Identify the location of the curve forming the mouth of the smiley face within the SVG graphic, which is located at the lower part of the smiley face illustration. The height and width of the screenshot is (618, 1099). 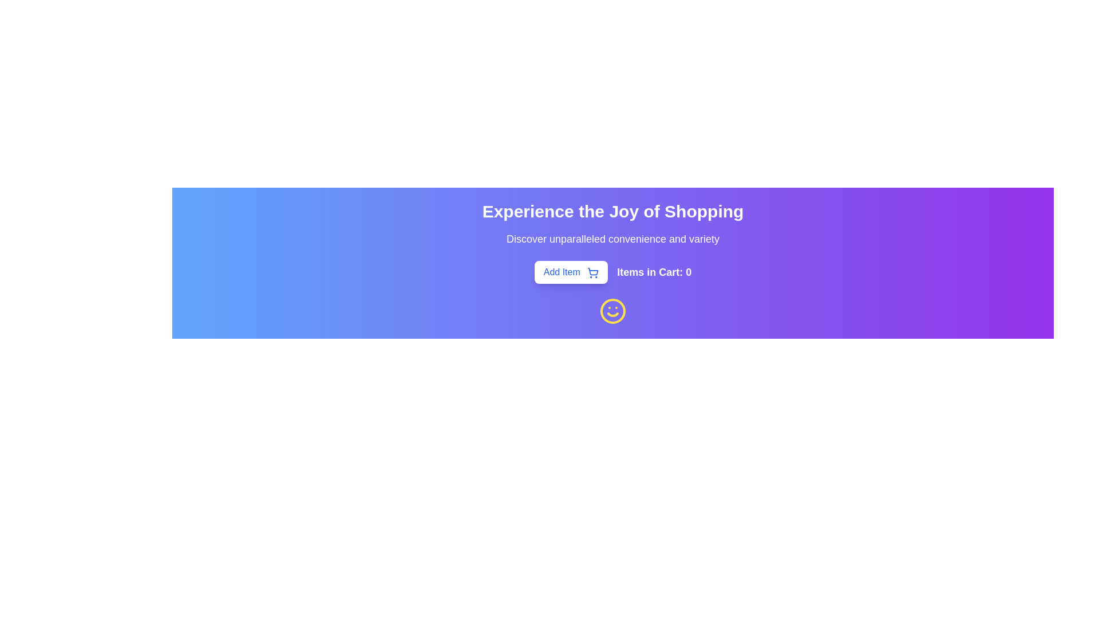
(612, 315).